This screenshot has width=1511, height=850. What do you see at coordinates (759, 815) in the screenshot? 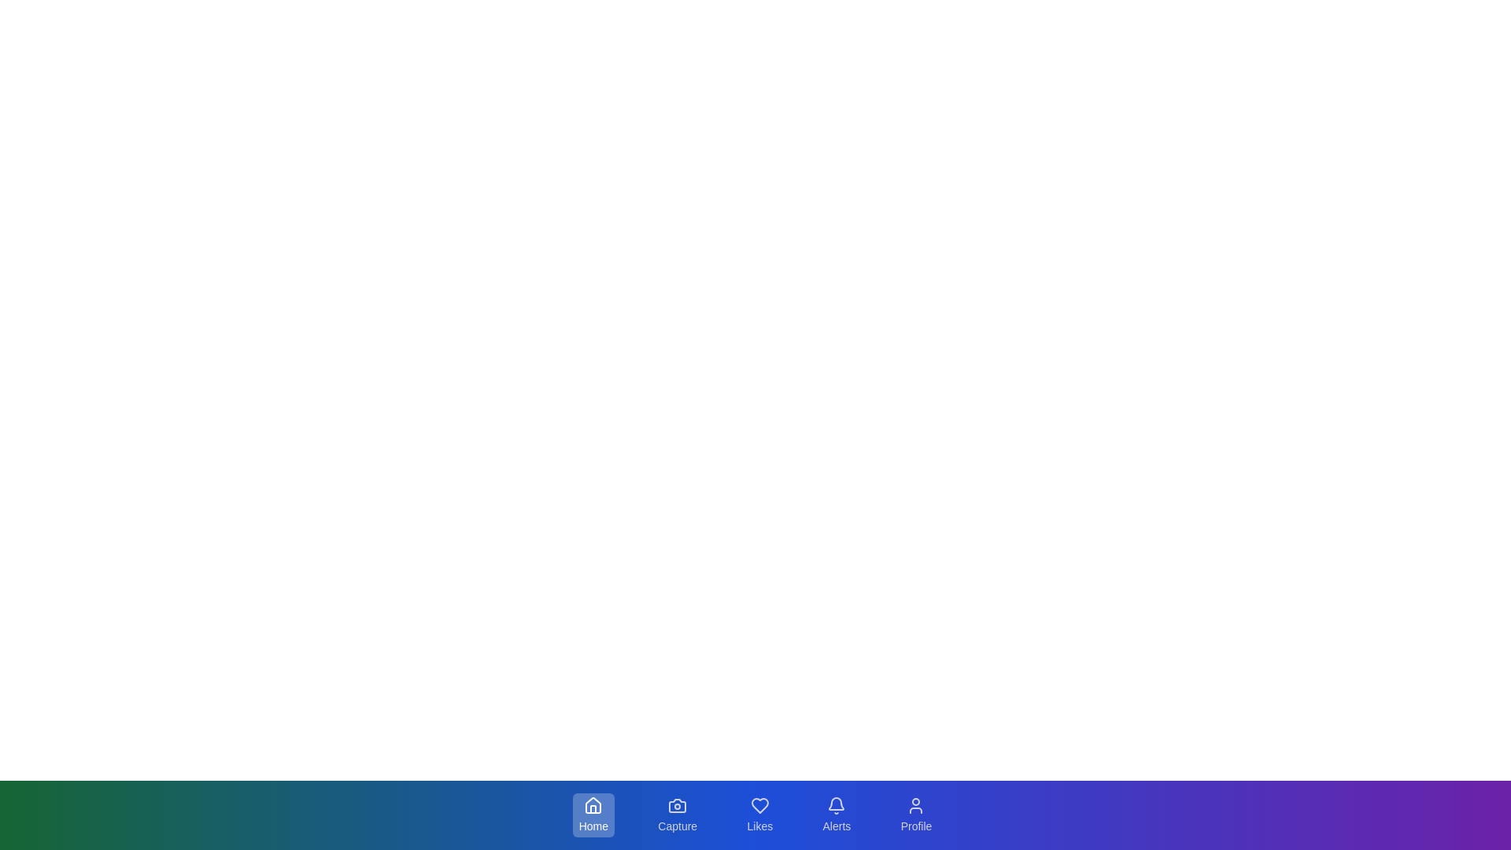
I see `the button labeled Likes to observe the visual feedback` at bounding box center [759, 815].